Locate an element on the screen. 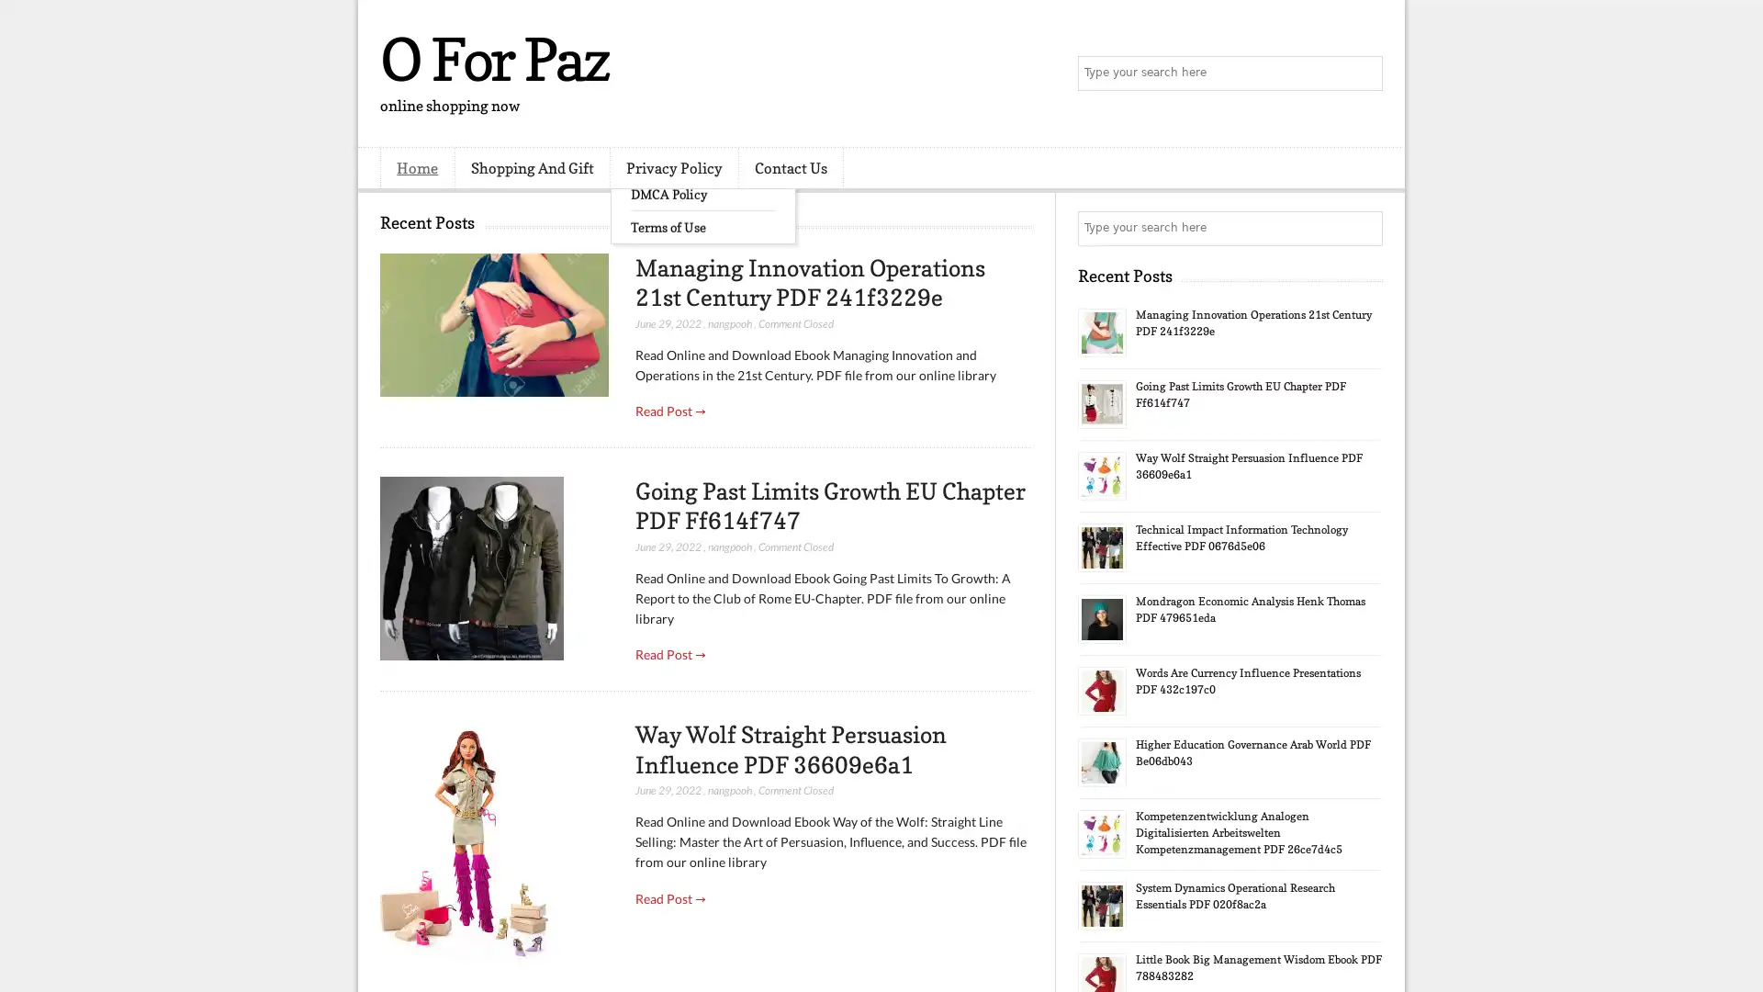  Search is located at coordinates (1364, 228).